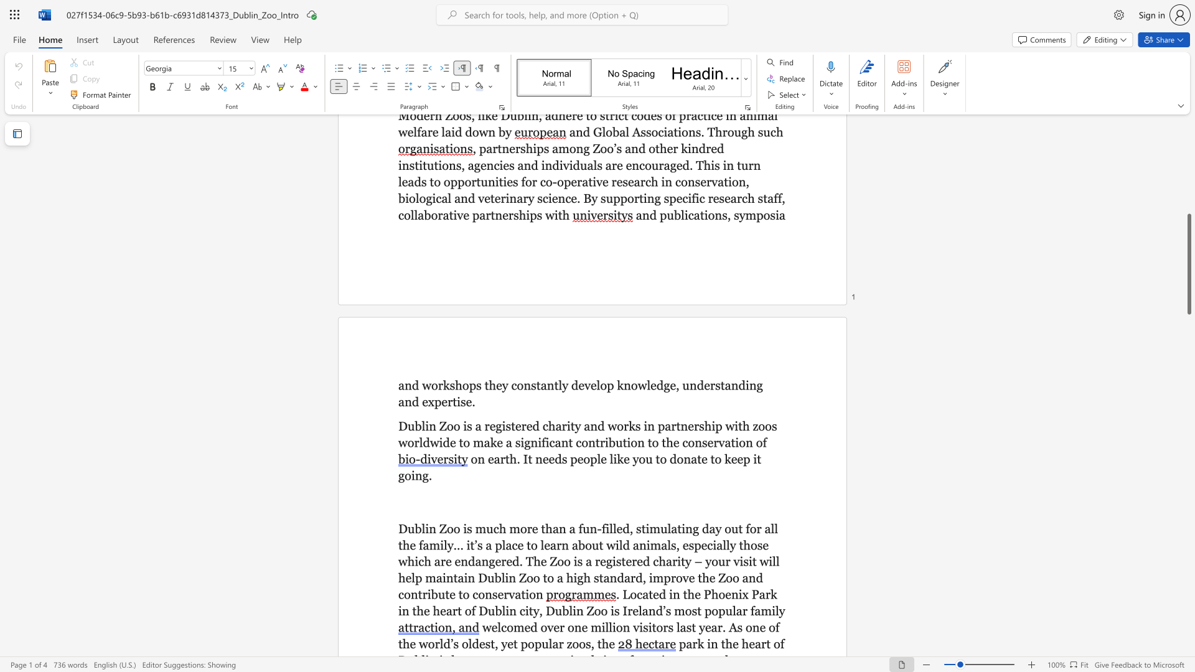 The width and height of the screenshot is (1195, 672). I want to click on the subset text "hey constant" within the text "and workshops they constantly develo", so click(488, 385).